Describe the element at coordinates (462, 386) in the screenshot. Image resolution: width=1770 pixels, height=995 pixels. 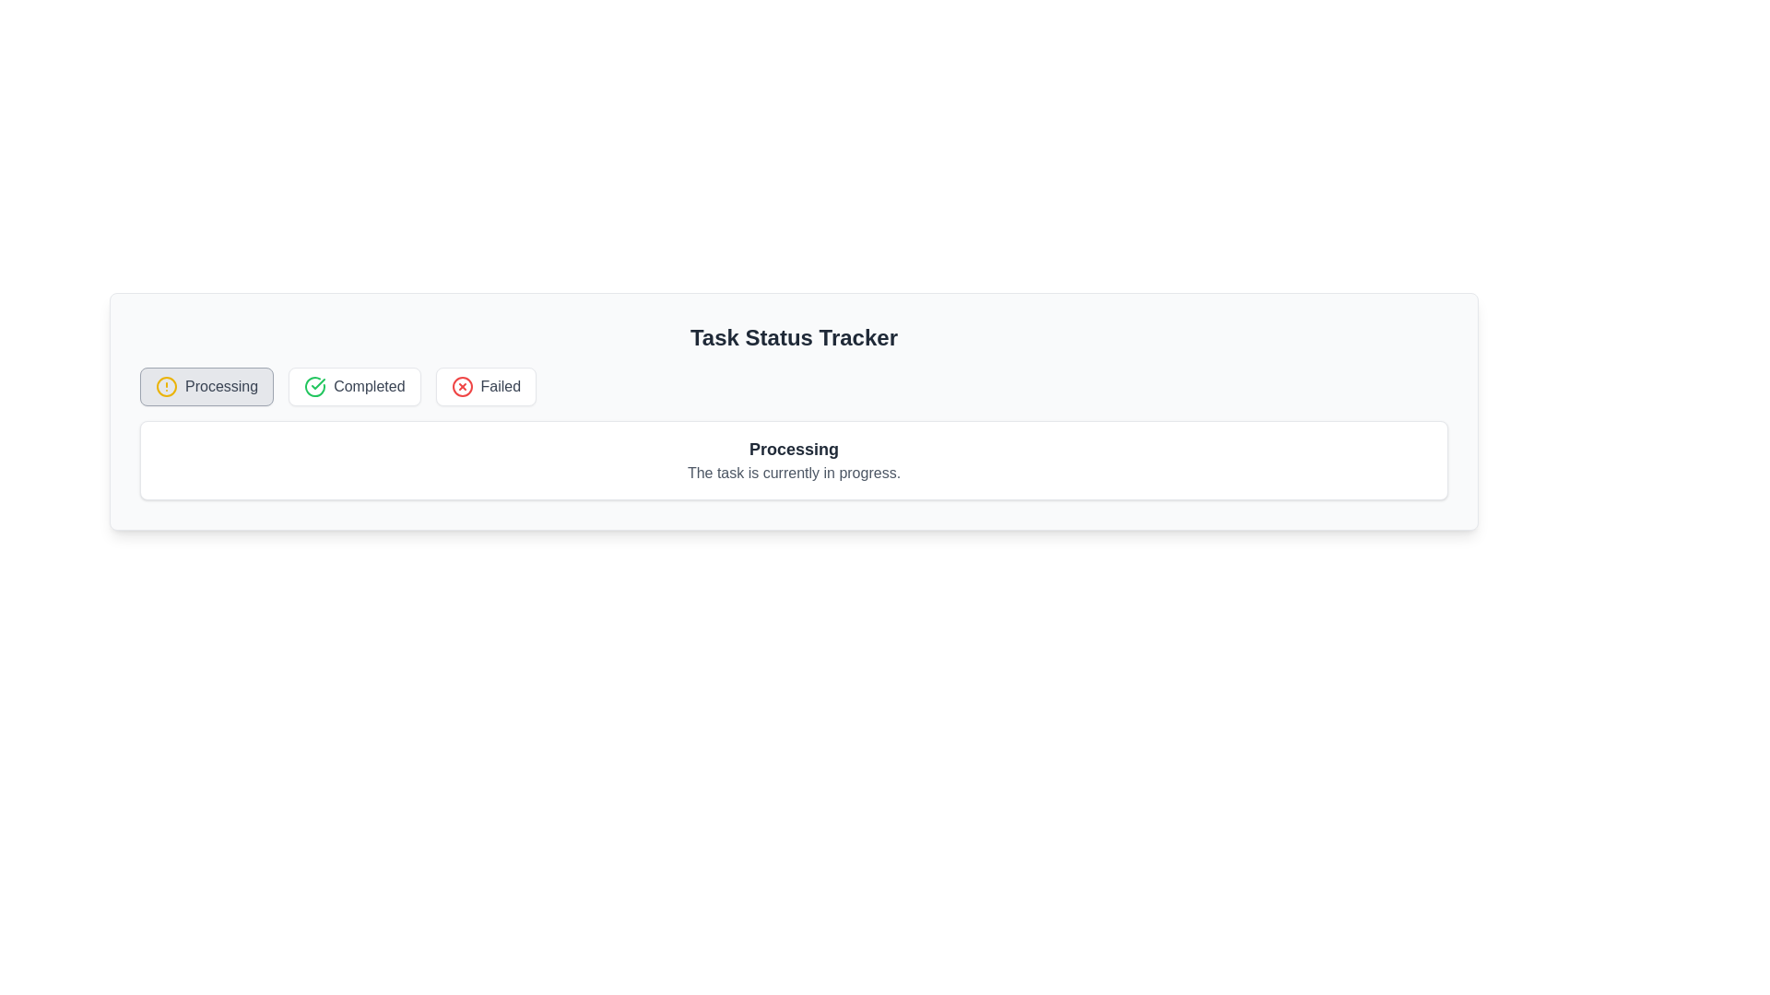
I see `the 'Failed' status icon, which is the third indicator in the horizontal series of status indicators located below the main heading in the task status tracker interface` at that location.